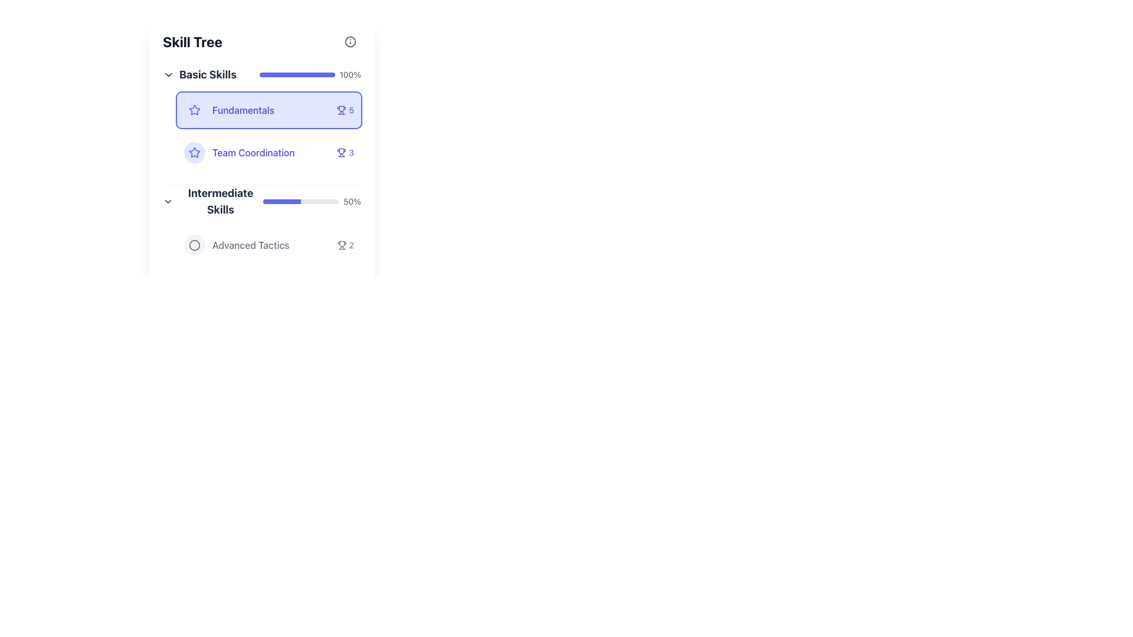 This screenshot has height=637, width=1133. Describe the element at coordinates (212, 201) in the screenshot. I see `the 'Intermediate Skills' button, which is styled in bold dark gray text and changes to indigo on hover, located in the middle of the 'Skill Tree' panel beneath 'Basic Skills'` at that location.